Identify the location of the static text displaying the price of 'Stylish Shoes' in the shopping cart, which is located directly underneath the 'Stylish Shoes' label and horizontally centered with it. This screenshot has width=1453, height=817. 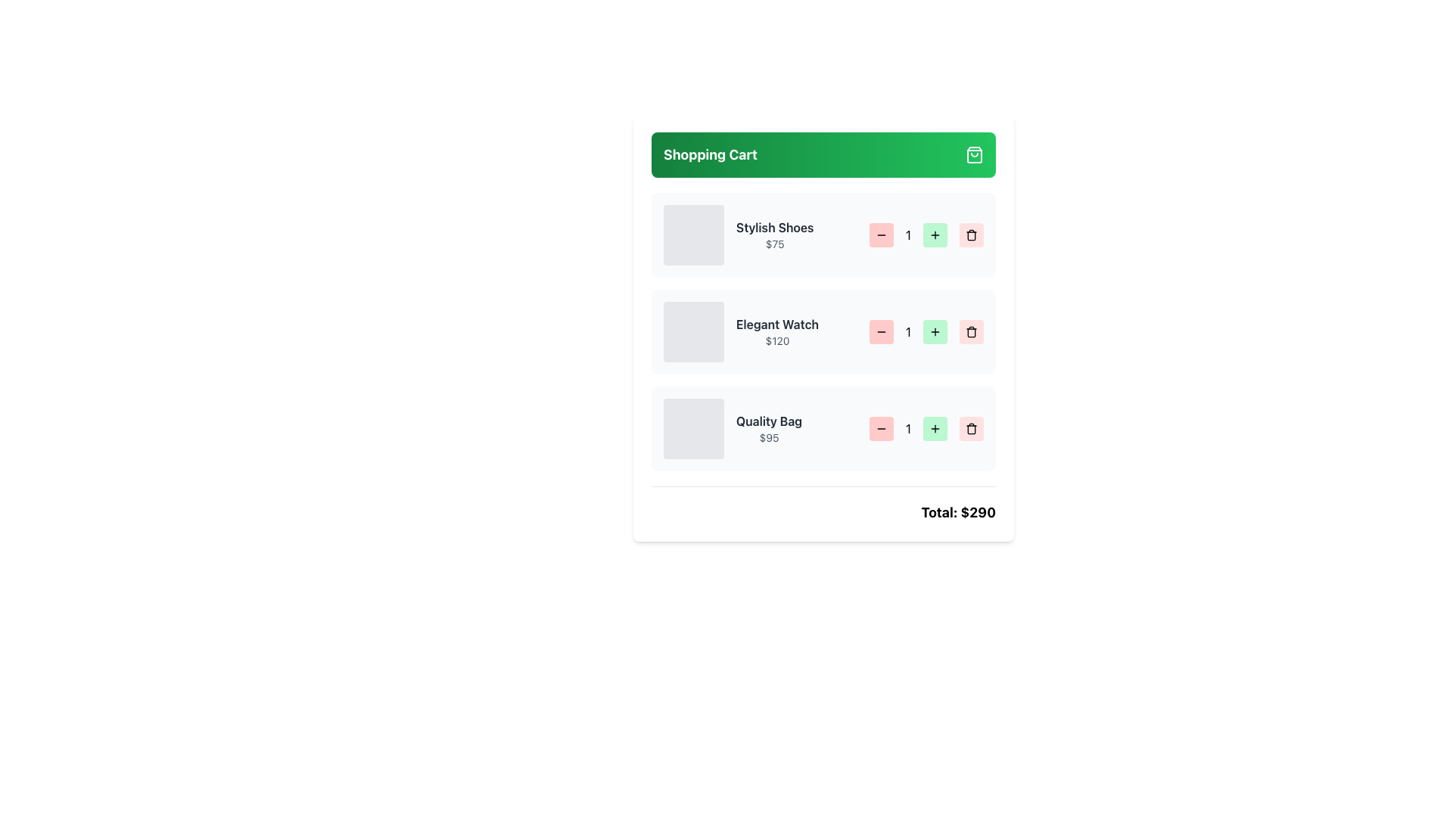
(775, 244).